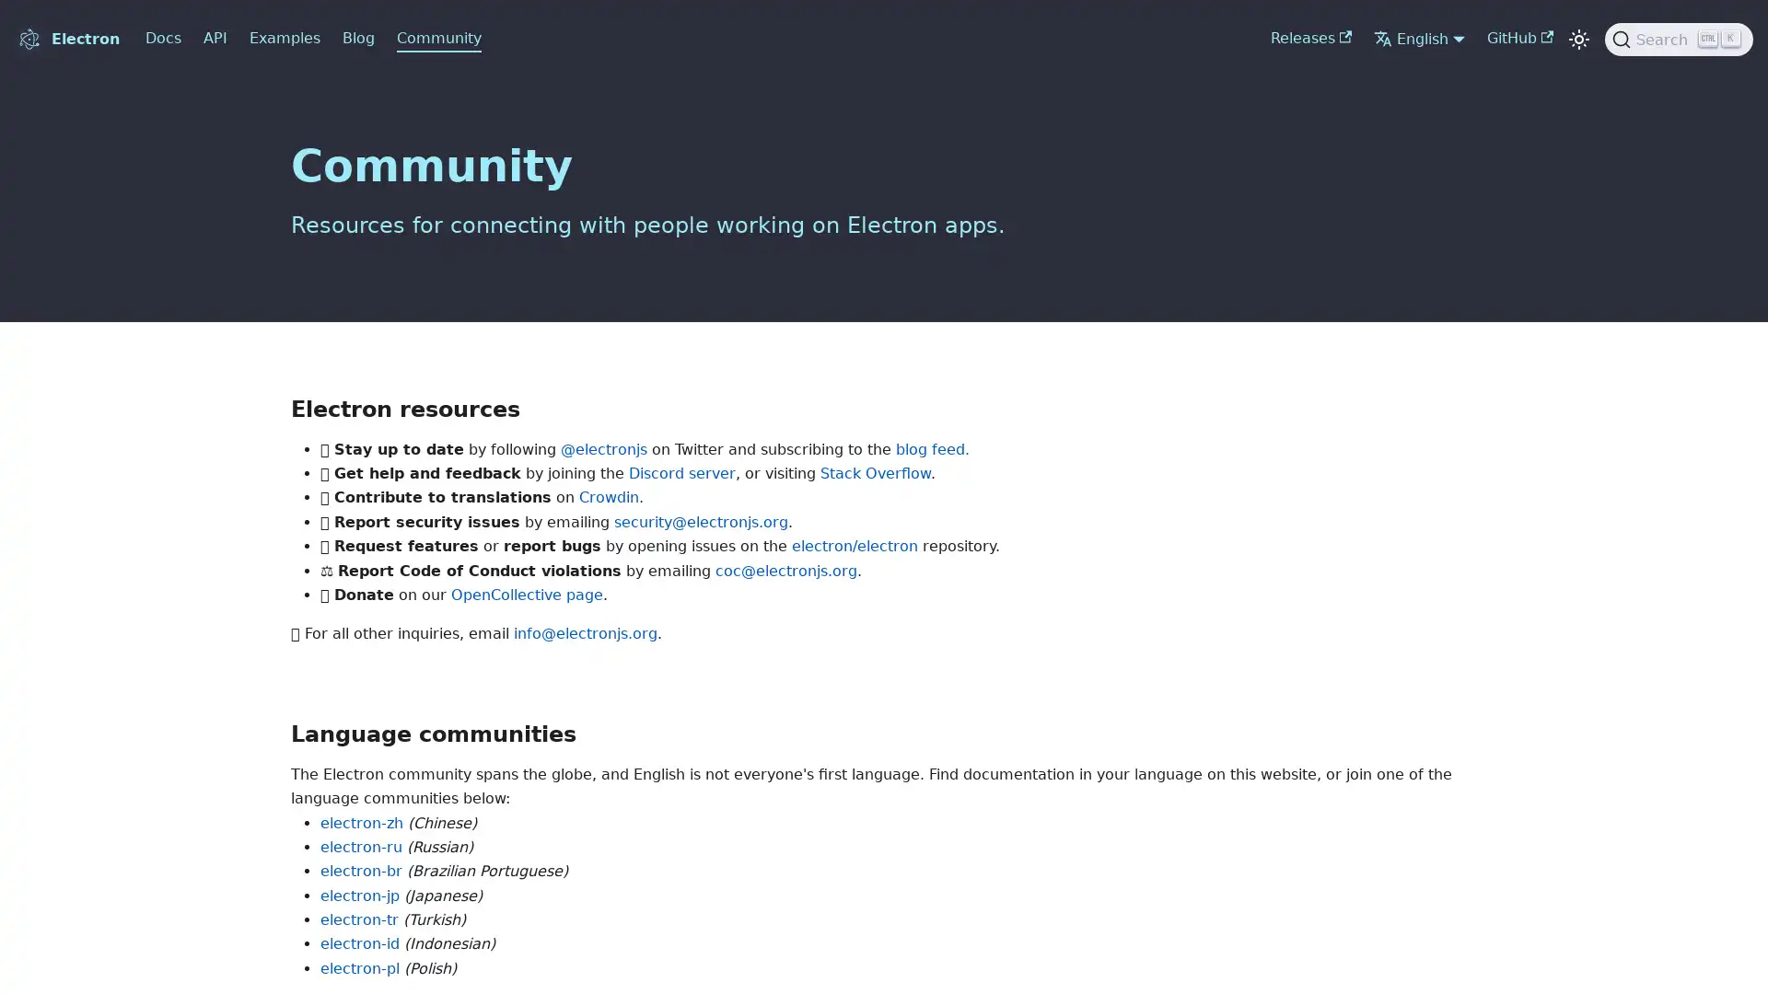 The height and width of the screenshot is (994, 1768). What do you see at coordinates (1577, 39) in the screenshot?
I see `Switch between dark and light mode (currently light mode)` at bounding box center [1577, 39].